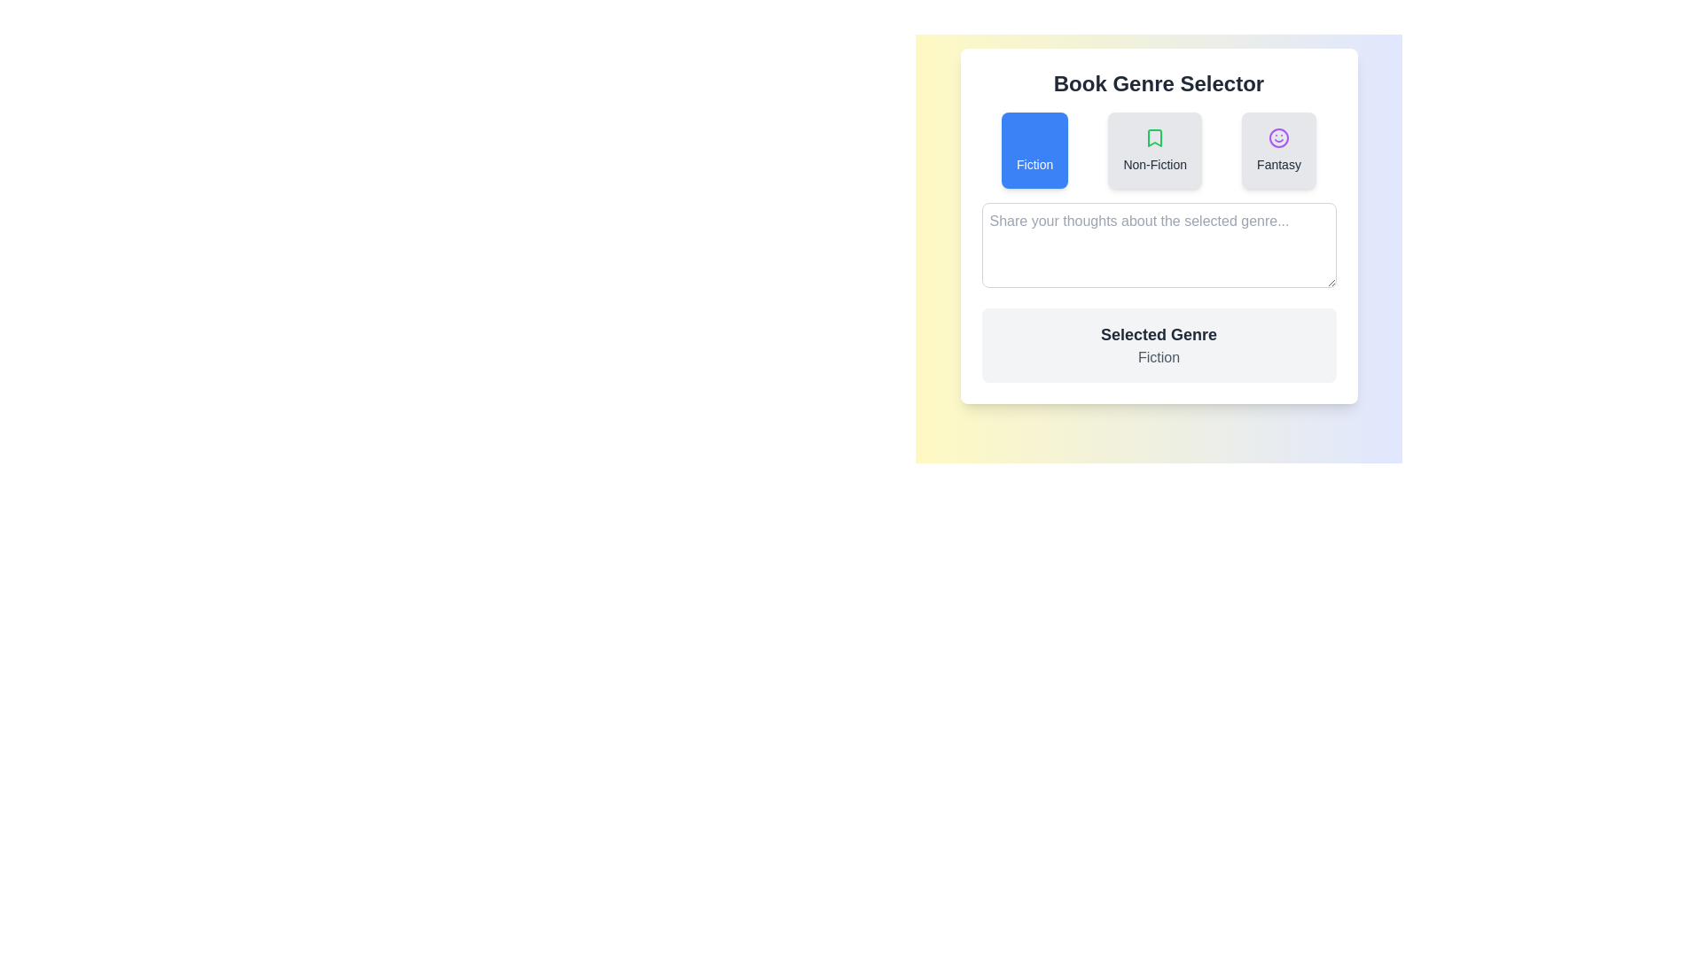  What do you see at coordinates (1279, 136) in the screenshot?
I see `the circular decorative icon resembling a smiling face, styled in purple, positioned centrally within the top section of the 'Fantasy' card` at bounding box center [1279, 136].